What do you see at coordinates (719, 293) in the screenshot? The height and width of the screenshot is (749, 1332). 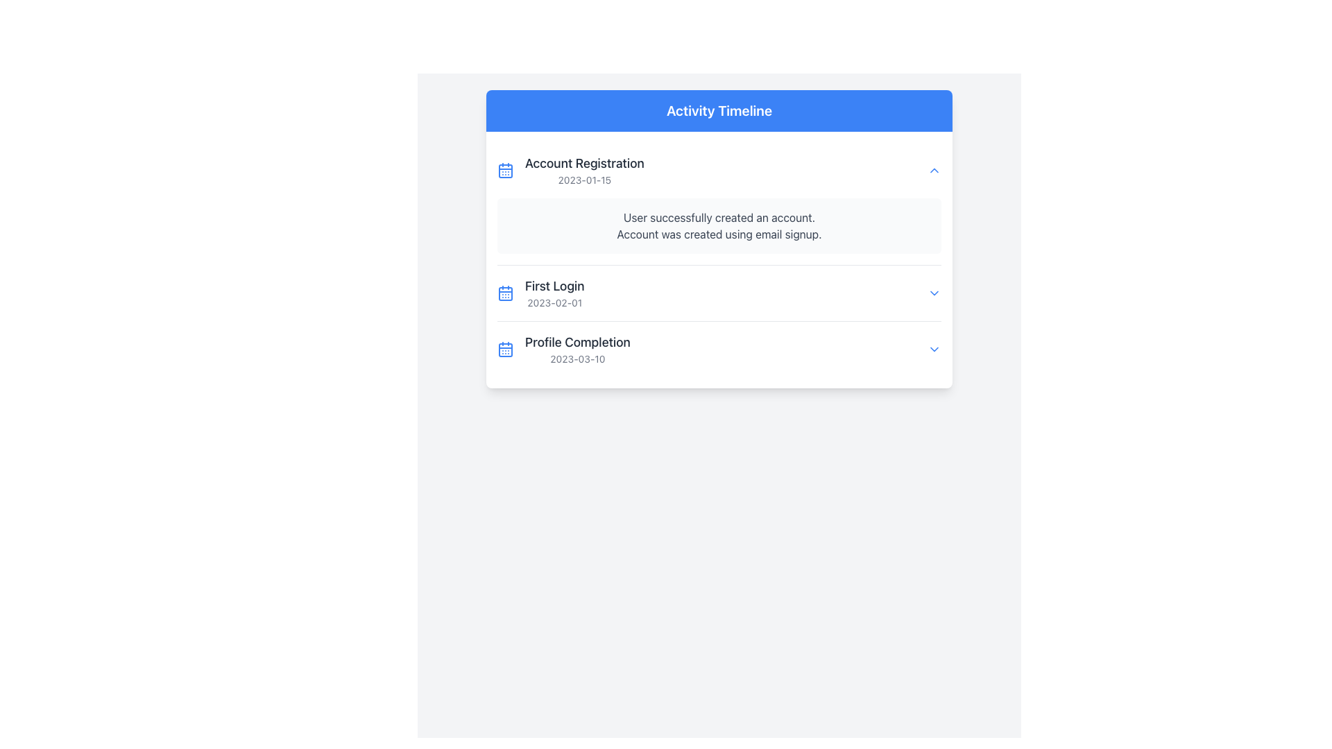 I see `the second item in the 'Activity Timeline' list, which is the timeline entry displaying 'First Login' with a date of '2023-02-01'` at bounding box center [719, 293].